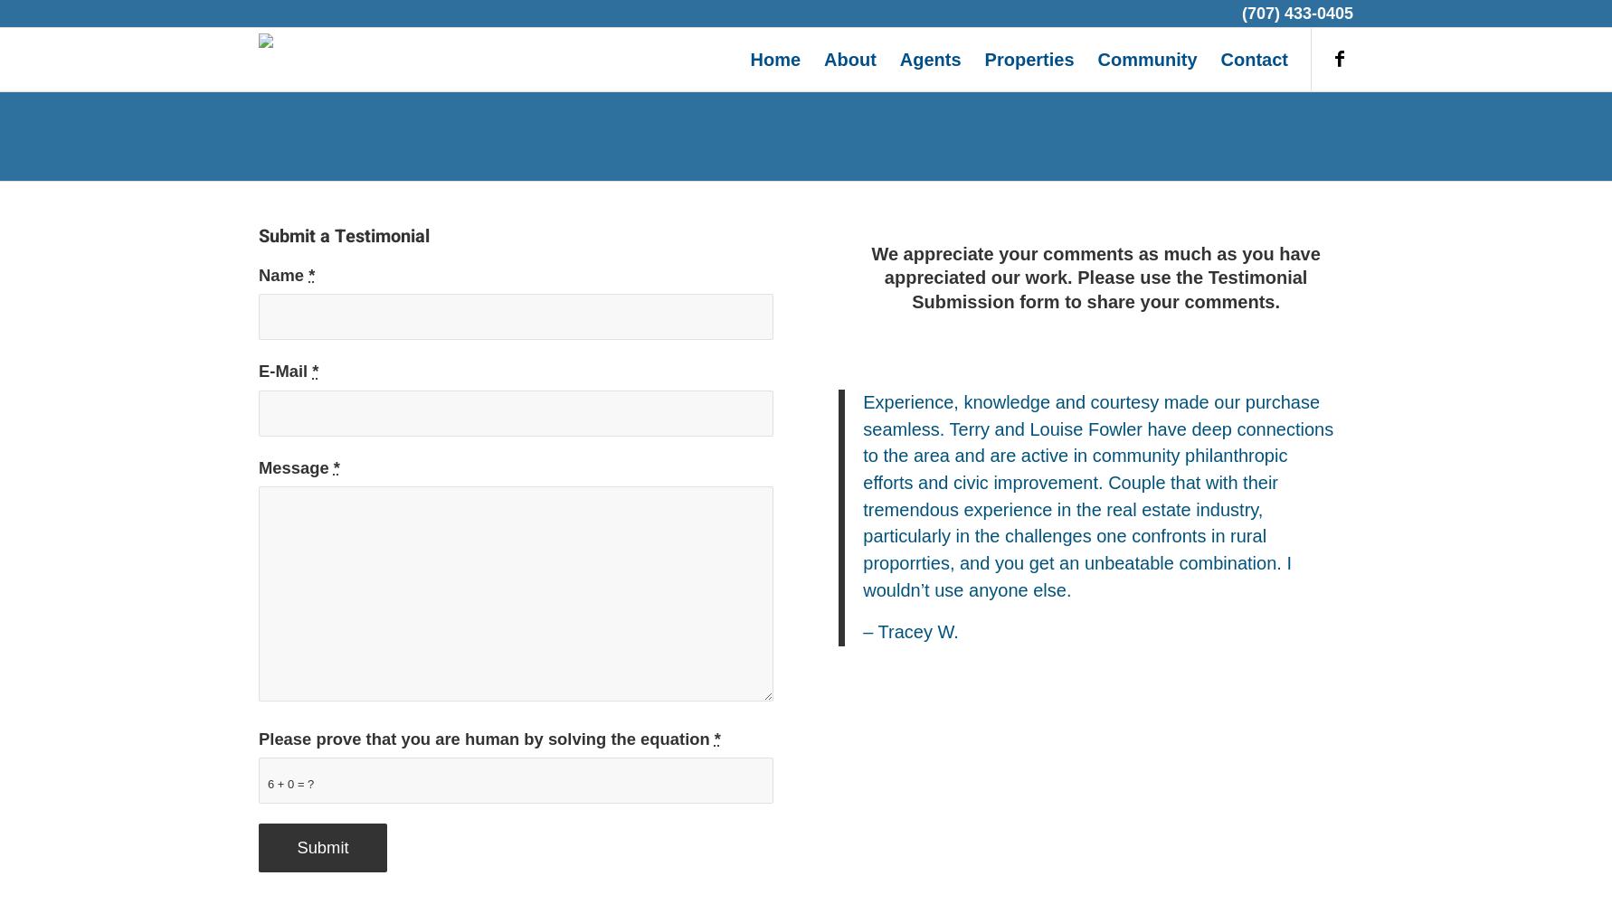 The image size is (1612, 904). I want to click on 'Submit a Testimonial', so click(344, 236).